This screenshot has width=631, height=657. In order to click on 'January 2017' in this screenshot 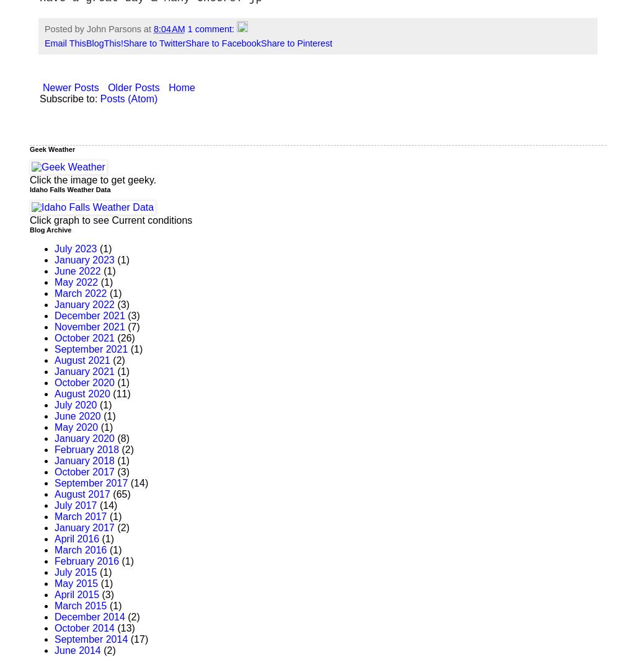, I will do `click(84, 527)`.